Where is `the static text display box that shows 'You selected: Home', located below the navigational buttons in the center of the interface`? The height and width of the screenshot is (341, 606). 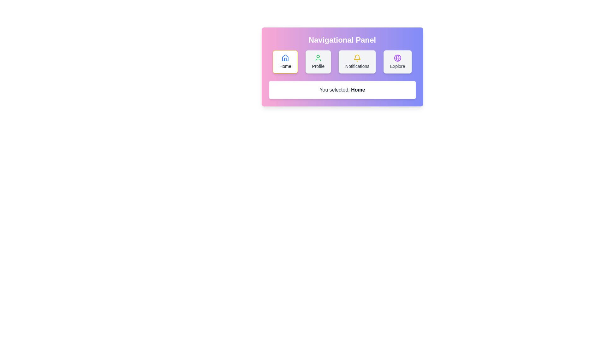
the static text display box that shows 'You selected: Home', located below the navigational buttons in the center of the interface is located at coordinates (342, 90).